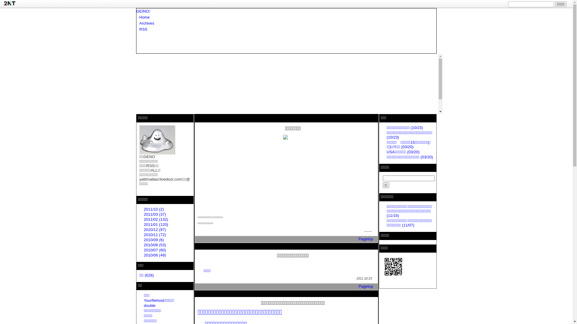 The image size is (577, 324). Describe the element at coordinates (143, 239) in the screenshot. I see `'2010/09 (6)'` at that location.